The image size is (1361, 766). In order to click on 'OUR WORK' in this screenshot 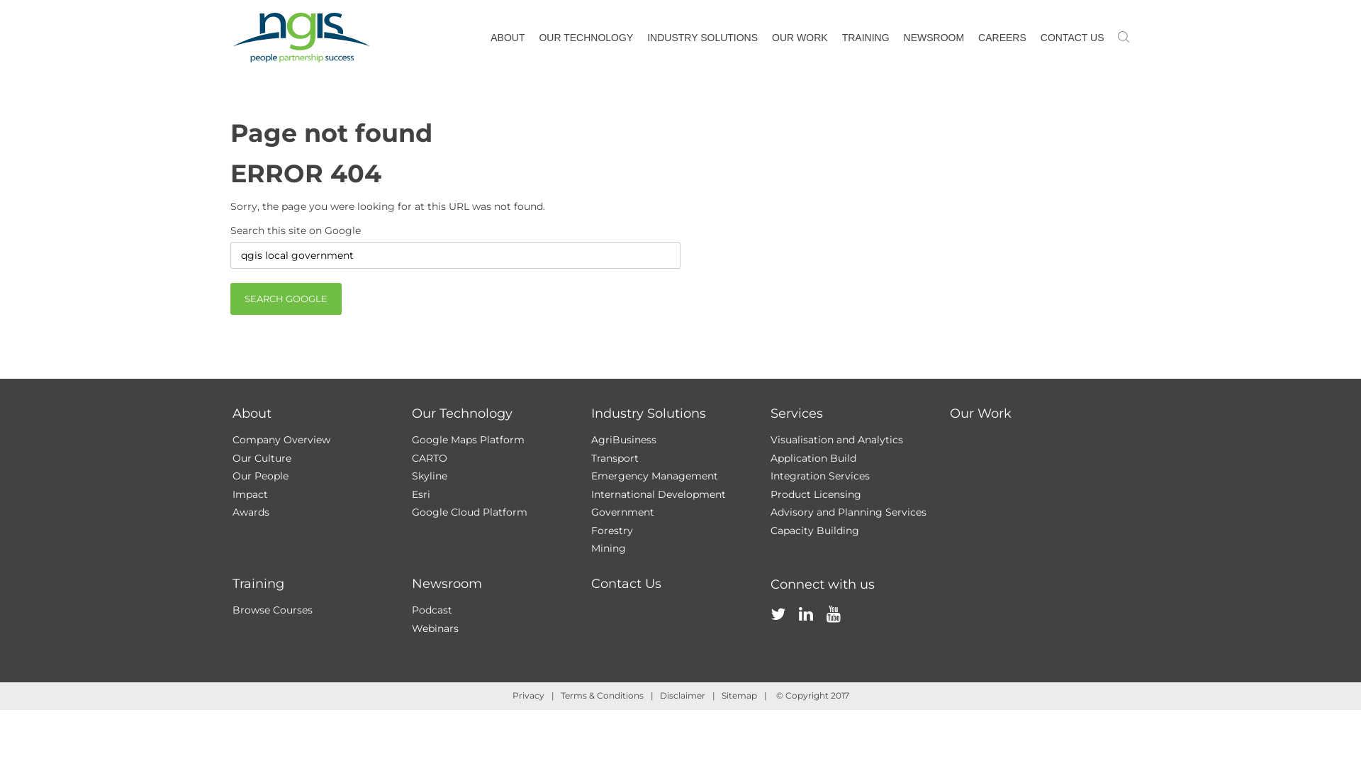, I will do `click(800, 37)`.